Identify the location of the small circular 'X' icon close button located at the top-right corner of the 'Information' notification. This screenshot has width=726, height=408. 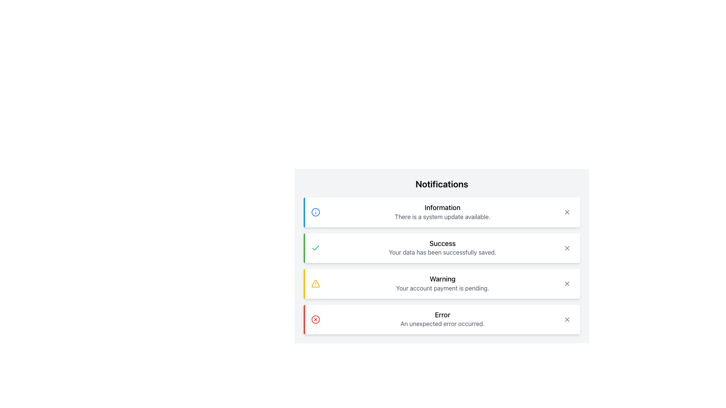
(567, 212).